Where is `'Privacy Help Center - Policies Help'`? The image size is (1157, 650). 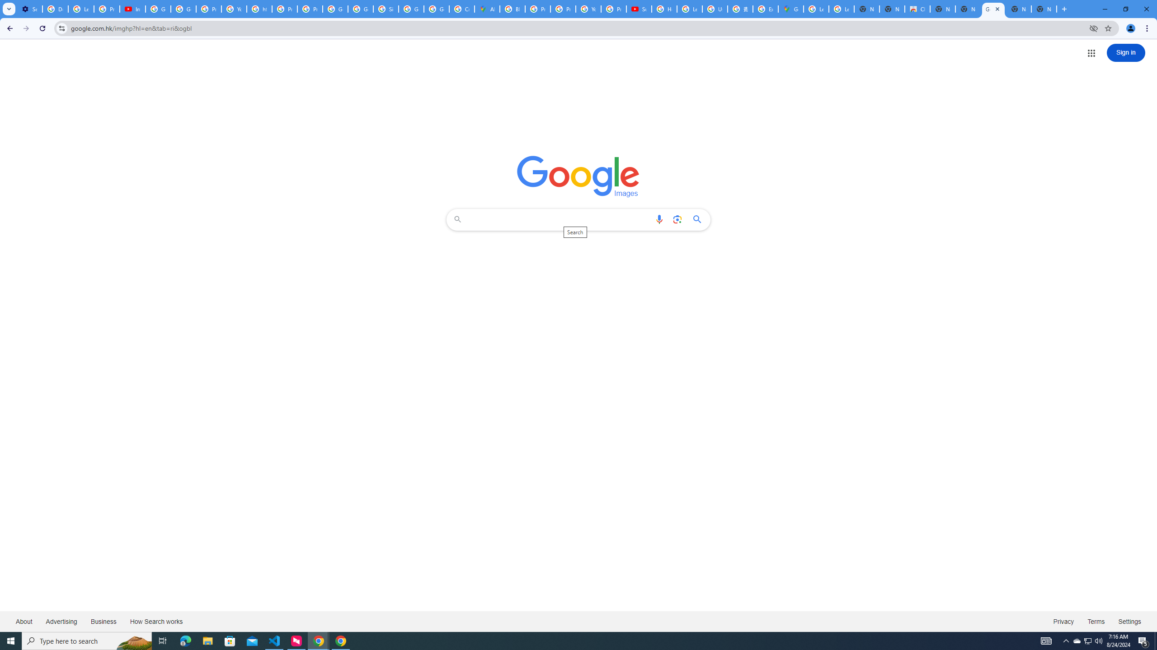
'Privacy Help Center - Policies Help' is located at coordinates (562, 9).